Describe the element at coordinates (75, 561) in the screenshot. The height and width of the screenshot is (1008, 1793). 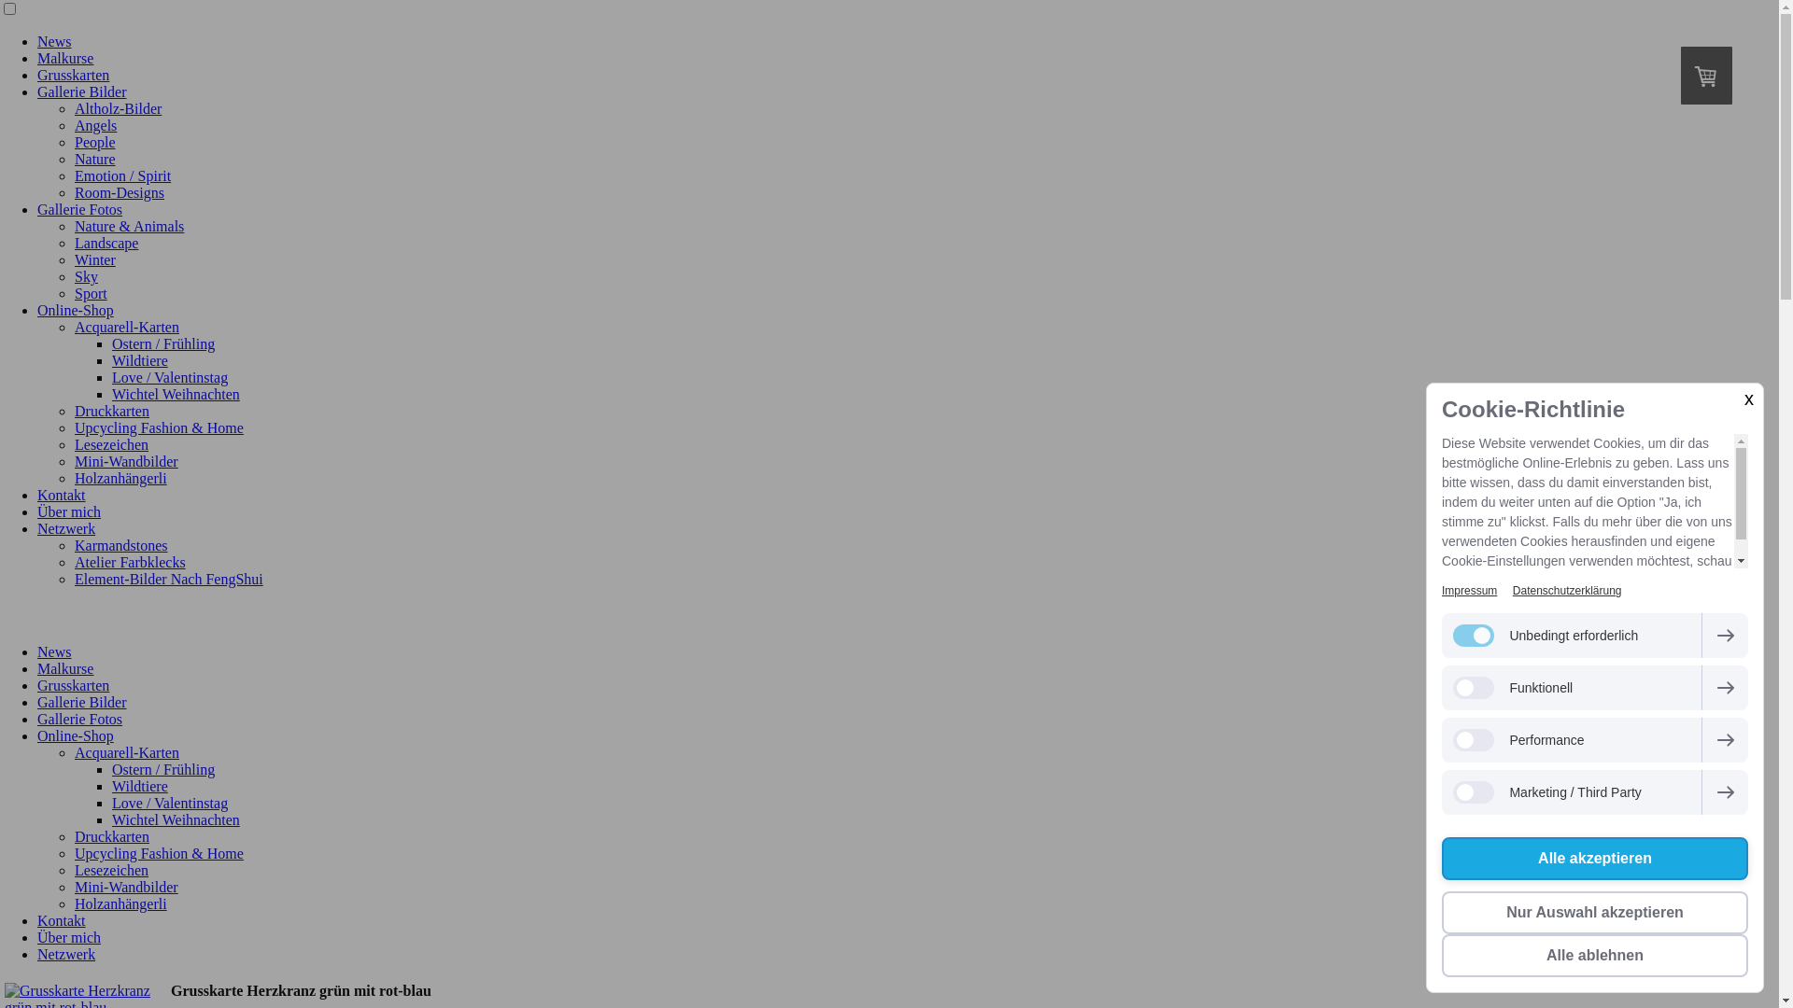
I see `'Atelier Farbklecks'` at that location.